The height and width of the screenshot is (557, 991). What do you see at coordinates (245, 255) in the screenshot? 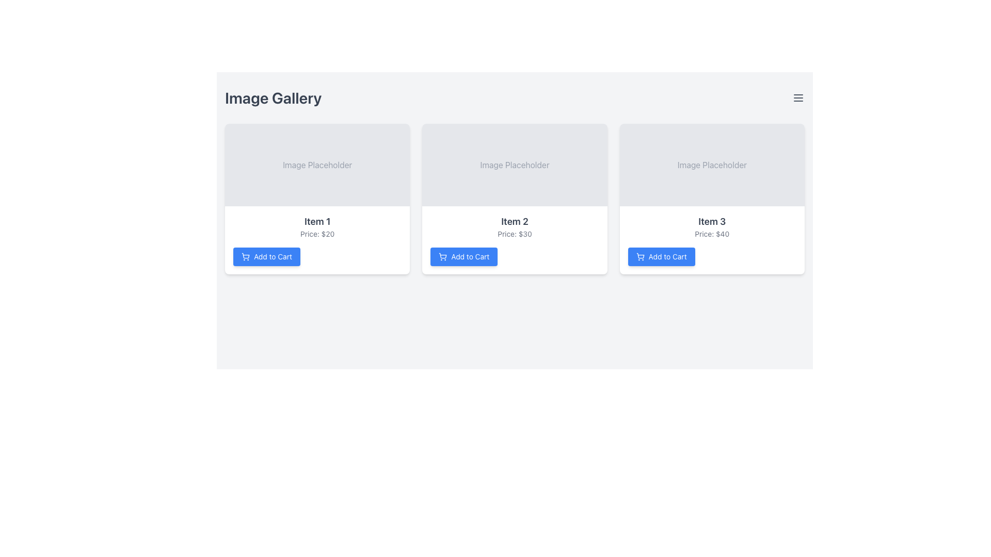
I see `the small SVG graphical element that is part of the shopping cart icon located next to the 'Add to Cart' button under 'Item 1'` at bounding box center [245, 255].